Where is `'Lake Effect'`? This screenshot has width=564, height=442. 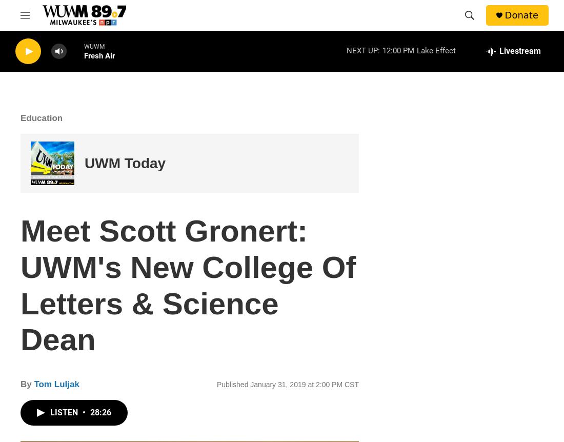 'Lake Effect' is located at coordinates (435, 50).